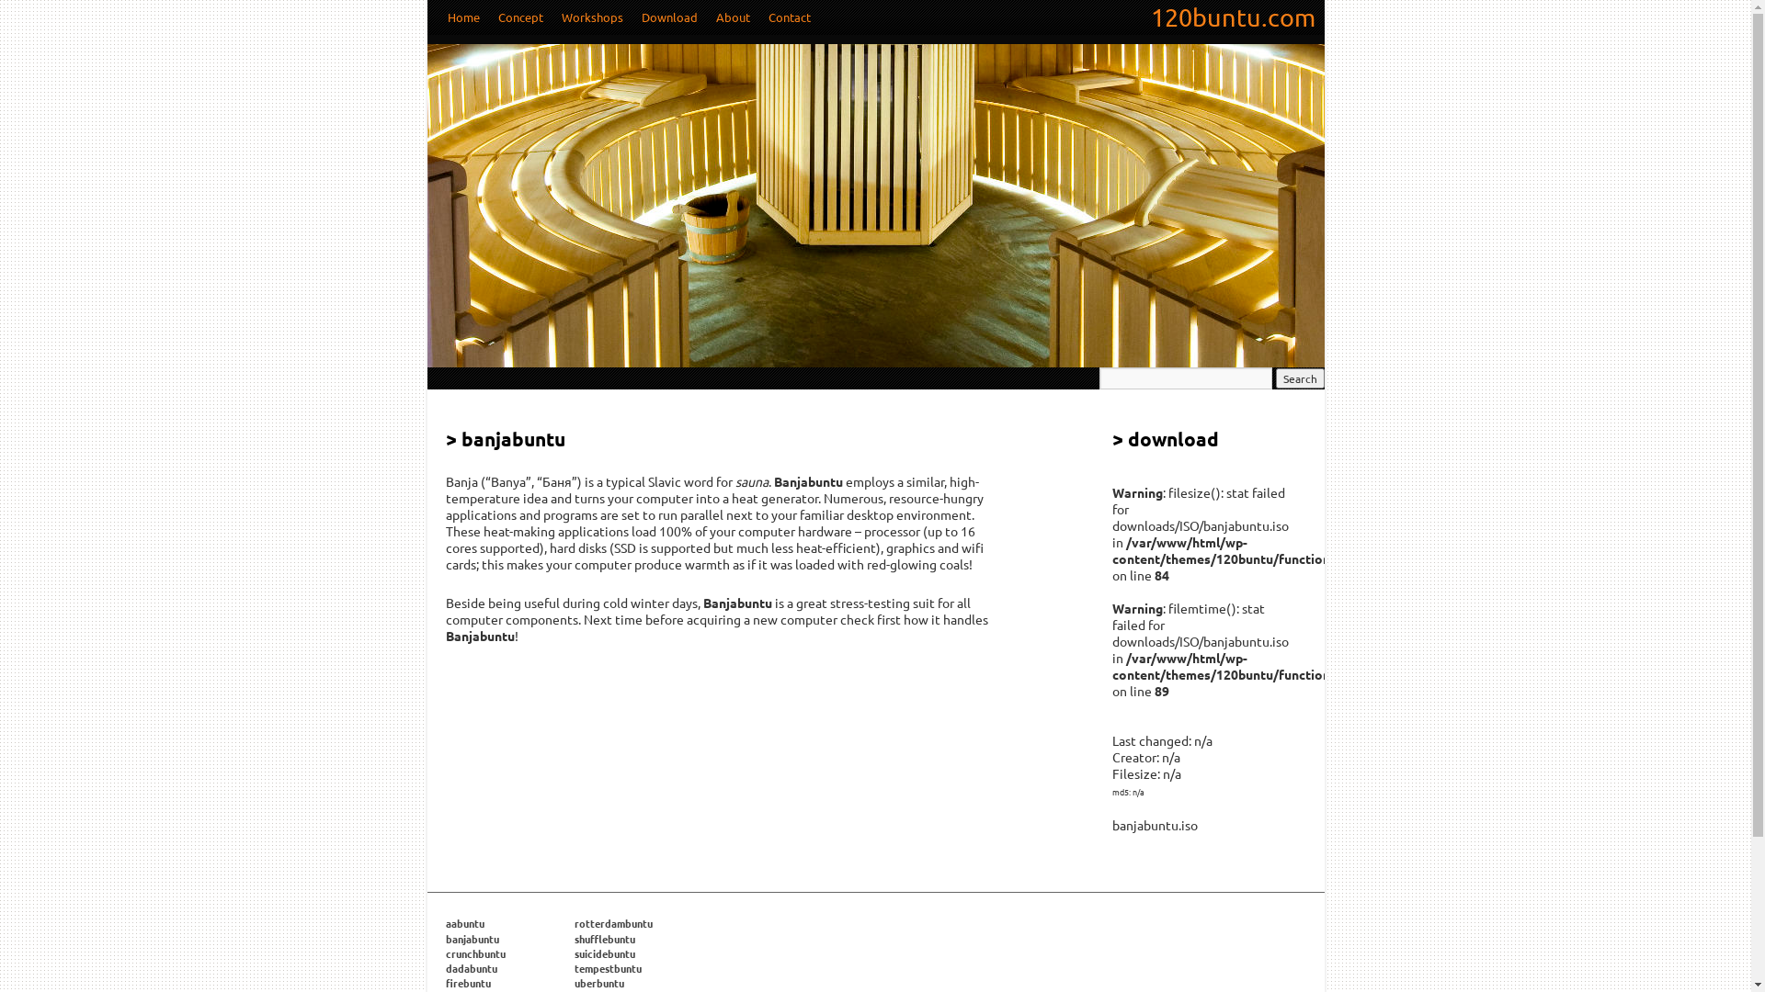  What do you see at coordinates (462, 17) in the screenshot?
I see `'Home'` at bounding box center [462, 17].